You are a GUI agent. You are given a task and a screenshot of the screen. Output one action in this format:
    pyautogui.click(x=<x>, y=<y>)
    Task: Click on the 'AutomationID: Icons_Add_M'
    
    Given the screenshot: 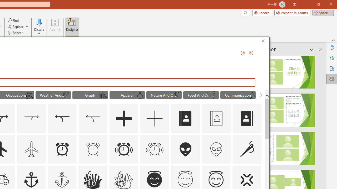 What is the action you would take?
    pyautogui.click(x=155, y=119)
    